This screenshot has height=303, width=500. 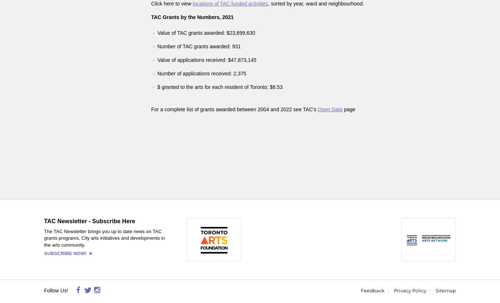 I want to click on 'Number of applications received: 2,375', so click(x=157, y=72).